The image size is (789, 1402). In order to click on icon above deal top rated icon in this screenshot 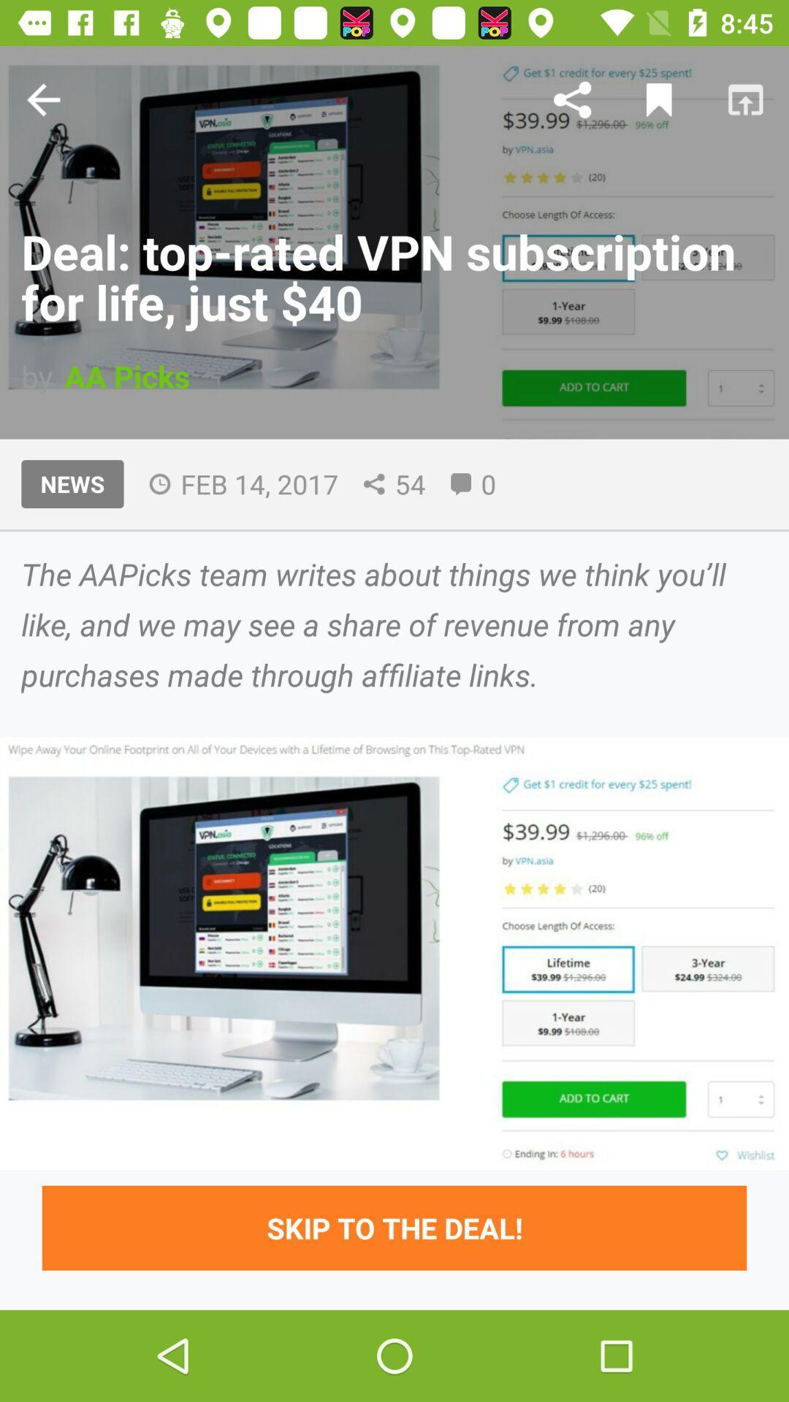, I will do `click(659, 99)`.